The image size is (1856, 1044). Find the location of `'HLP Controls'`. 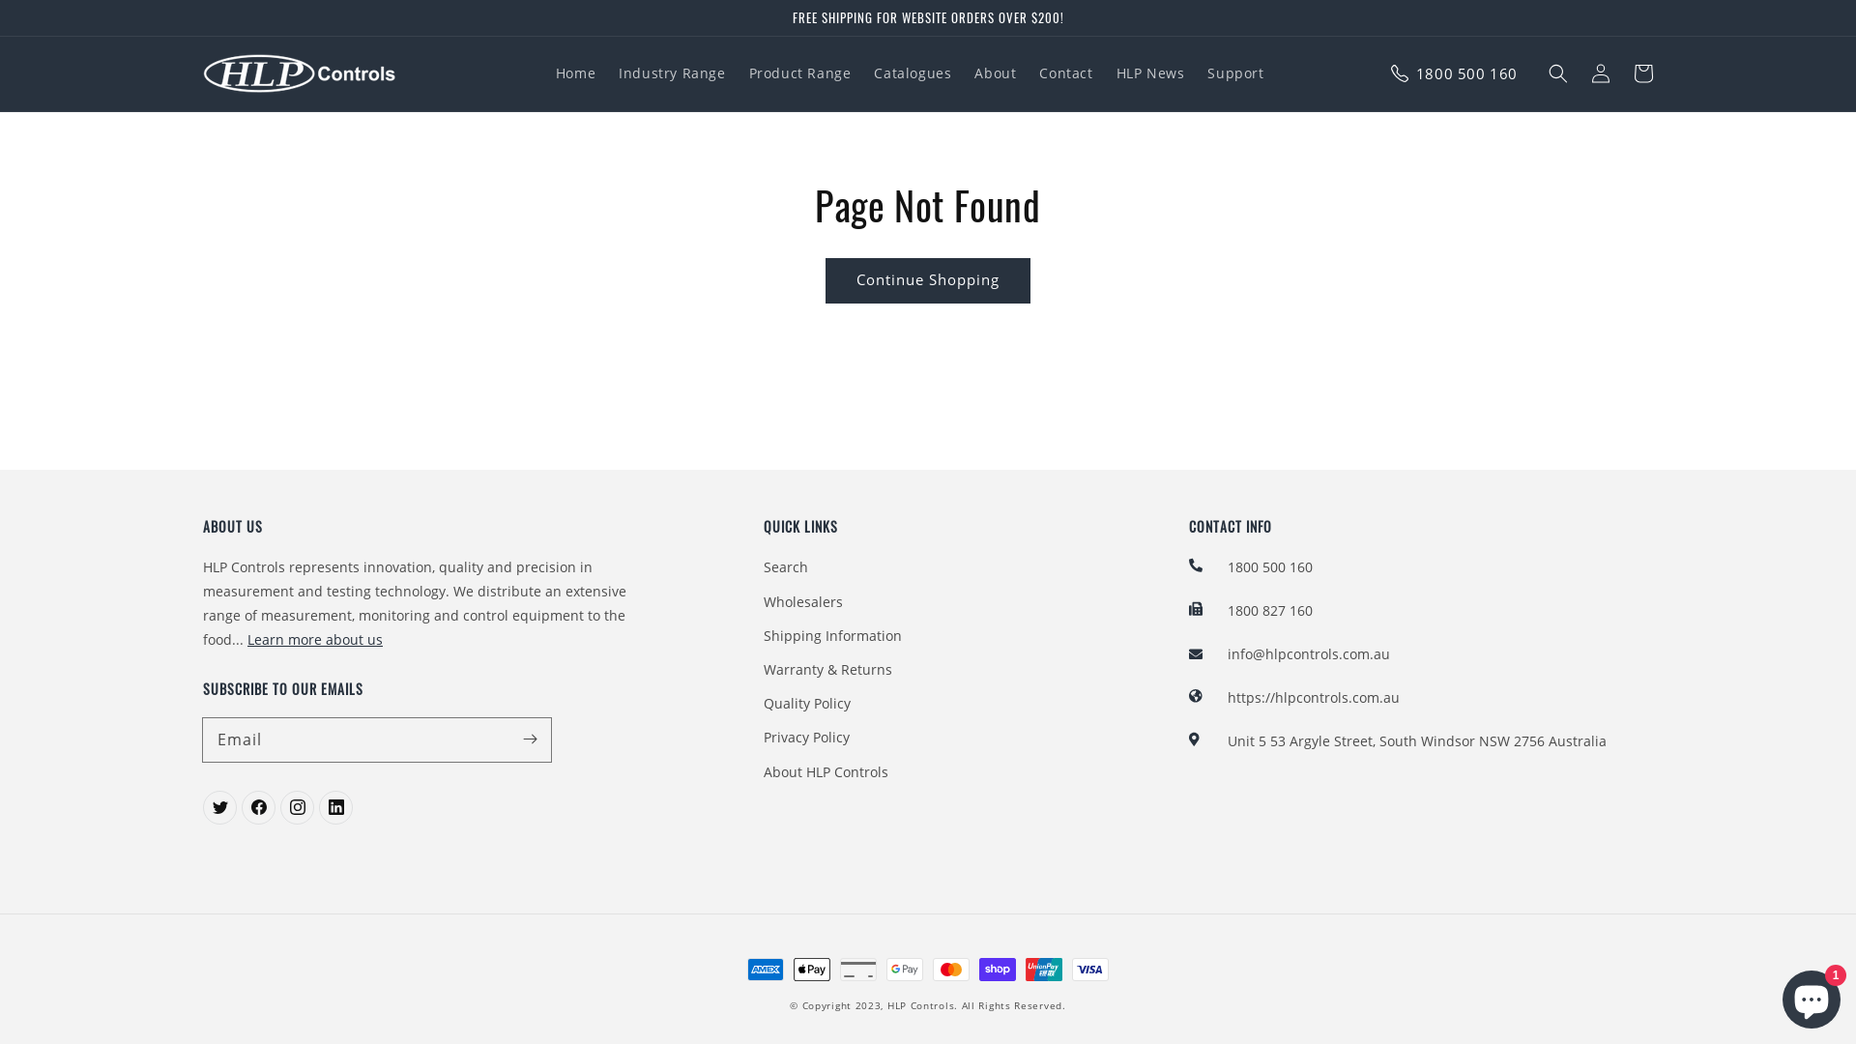

'HLP Controls' is located at coordinates (919, 1004).